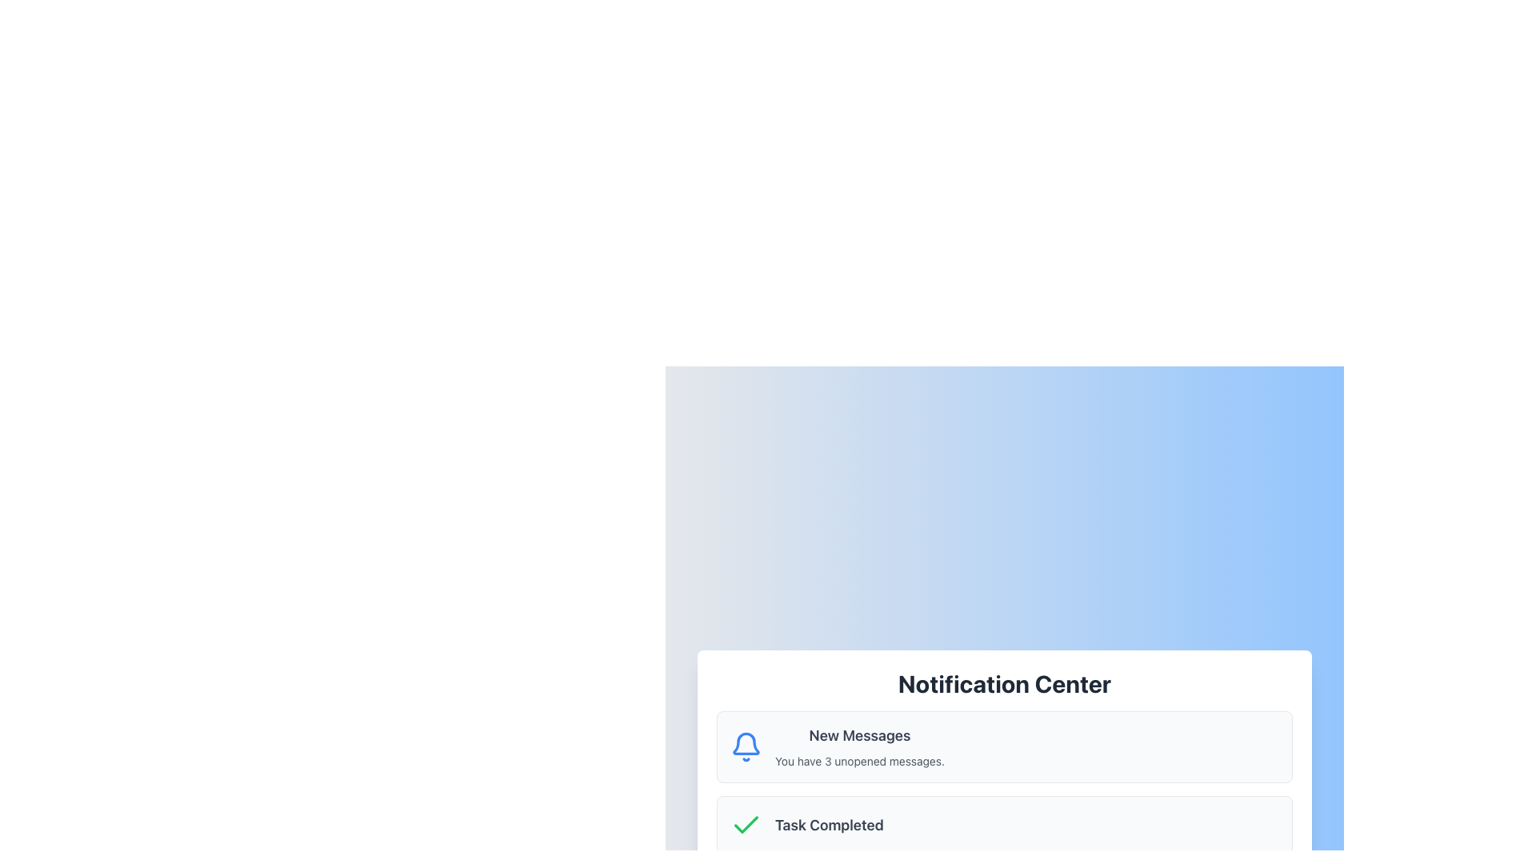 Image resolution: width=1536 pixels, height=864 pixels. I want to click on status message displayed in the text label located in the notification panel, directly below the 'New Messages' heading, so click(859, 761).